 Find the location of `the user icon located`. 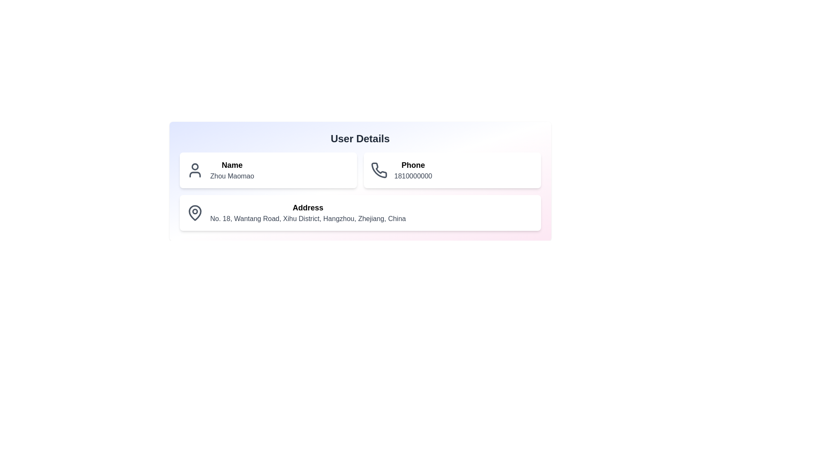

the user icon located is located at coordinates (194, 170).